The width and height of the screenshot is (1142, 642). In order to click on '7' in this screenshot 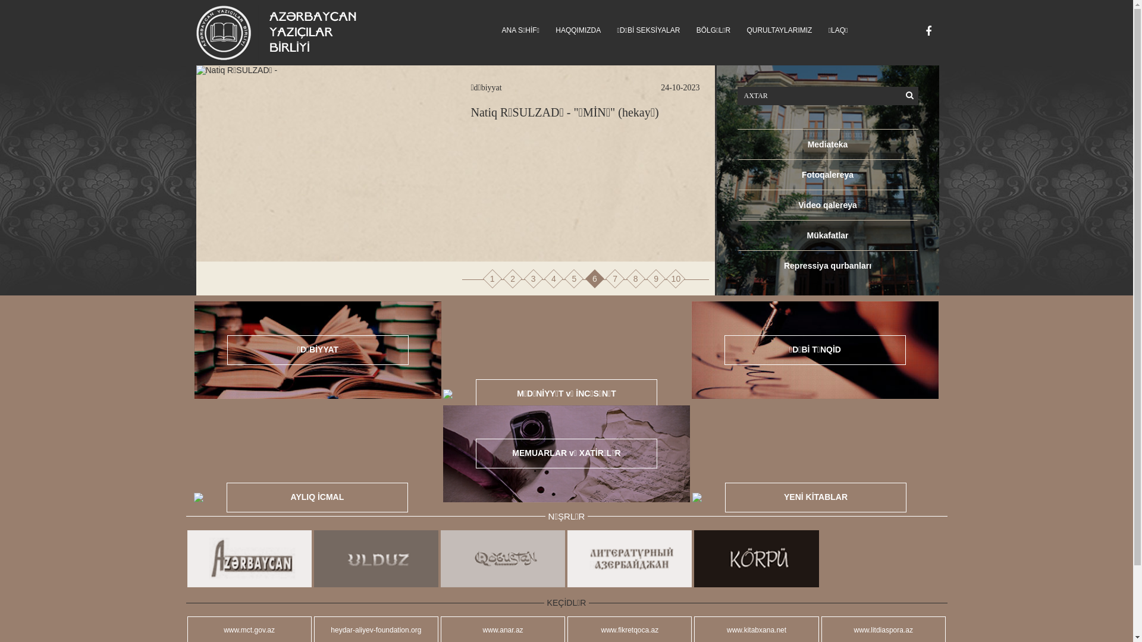, I will do `click(614, 279)`.